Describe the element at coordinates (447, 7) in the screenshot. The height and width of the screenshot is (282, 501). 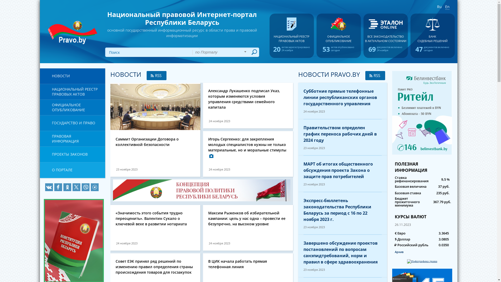
I see `'En'` at that location.